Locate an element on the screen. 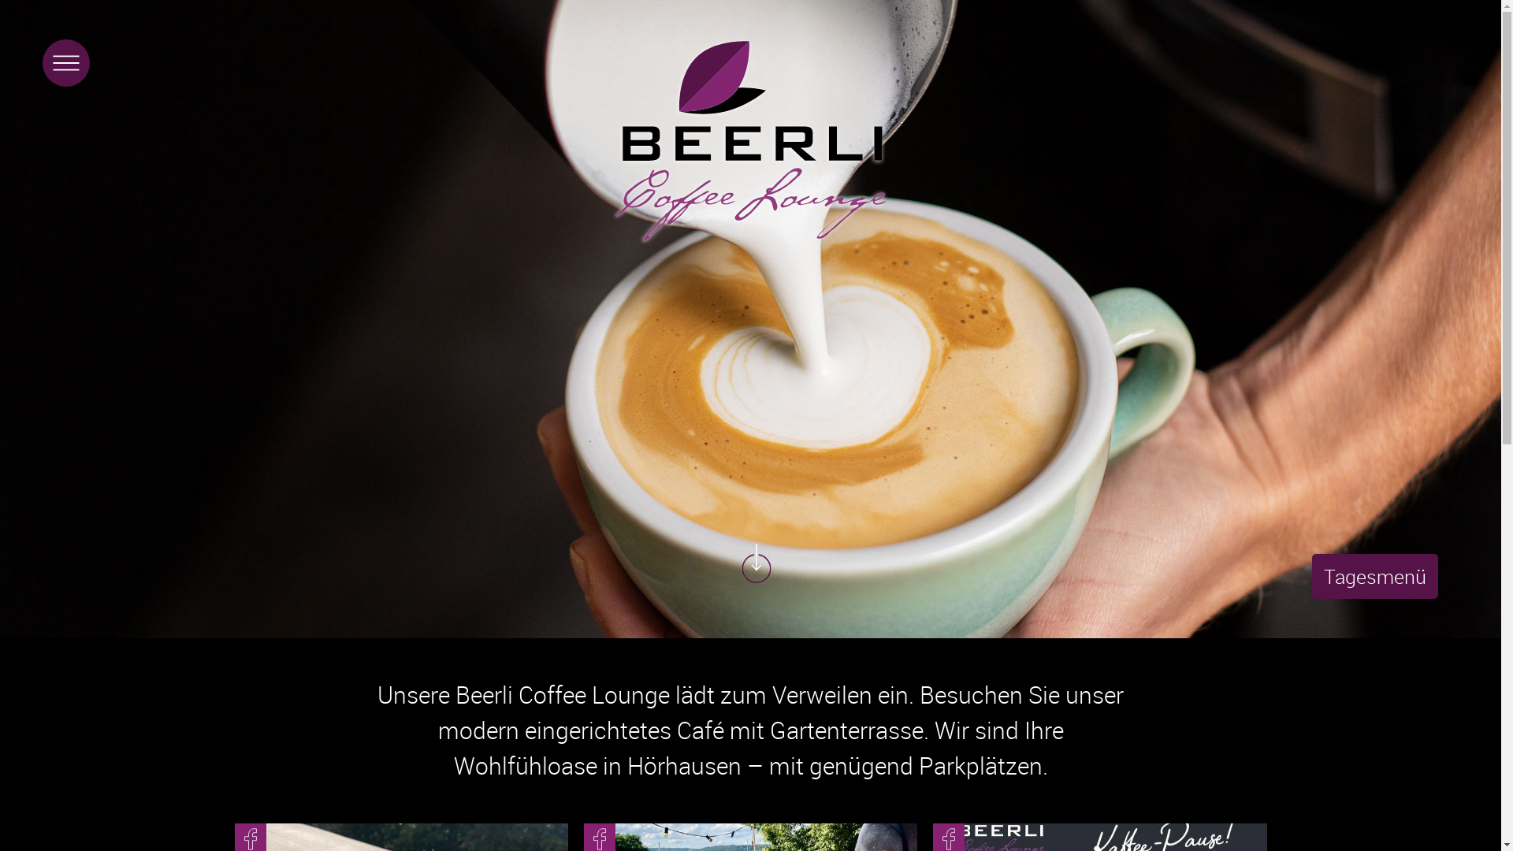 The height and width of the screenshot is (851, 1513). 'Startseite' is located at coordinates (750, 140).